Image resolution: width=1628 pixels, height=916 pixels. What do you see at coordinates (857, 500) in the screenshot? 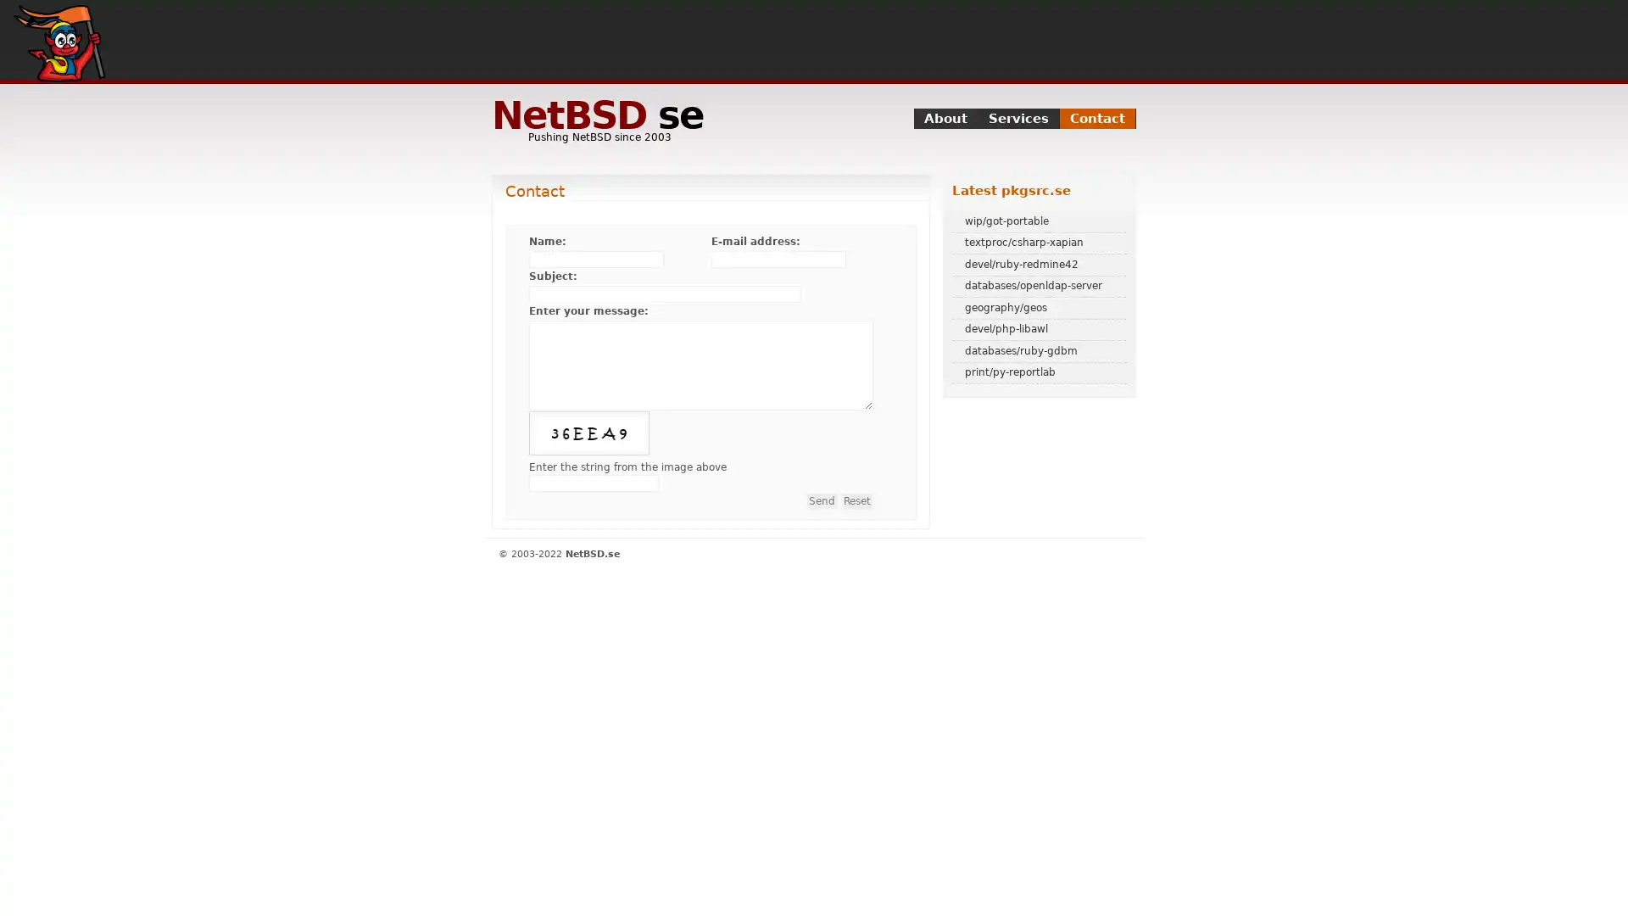
I see `Reset` at bounding box center [857, 500].